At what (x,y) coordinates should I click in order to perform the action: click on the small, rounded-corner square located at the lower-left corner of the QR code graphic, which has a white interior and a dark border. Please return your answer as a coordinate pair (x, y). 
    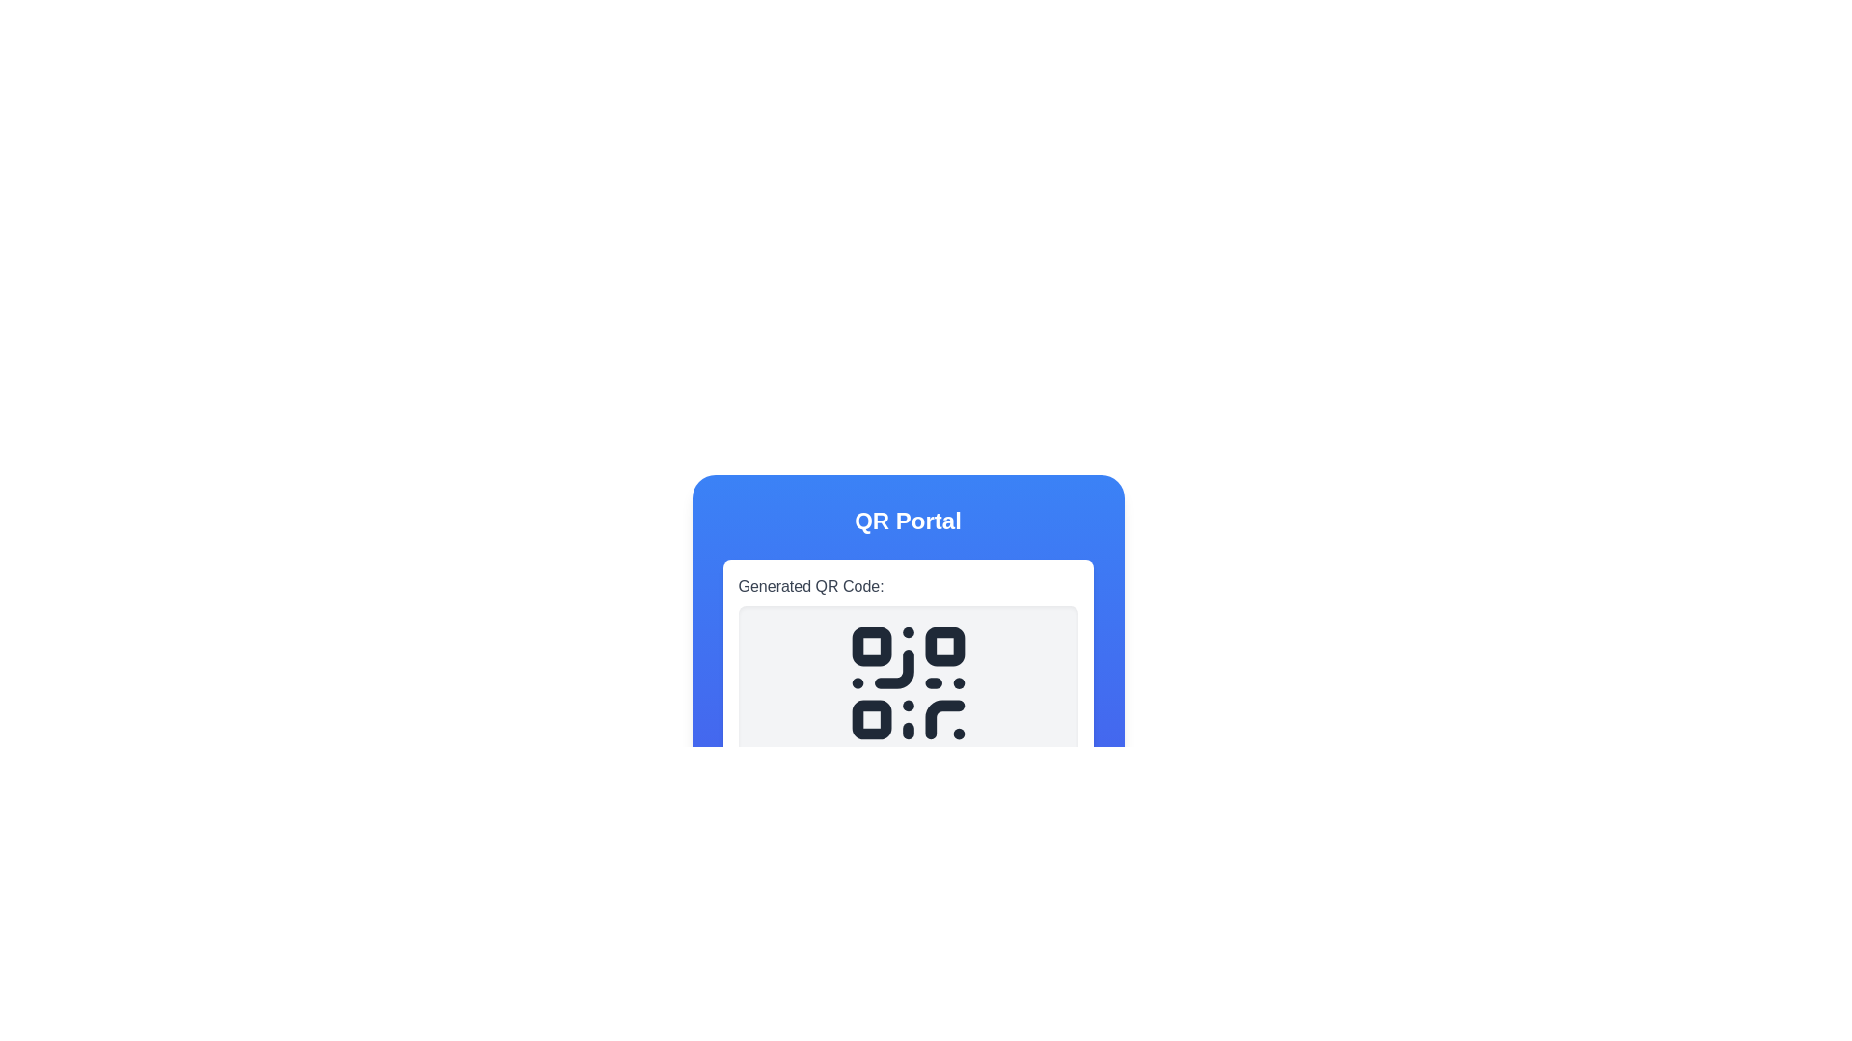
    Looking at the image, I should click on (870, 719).